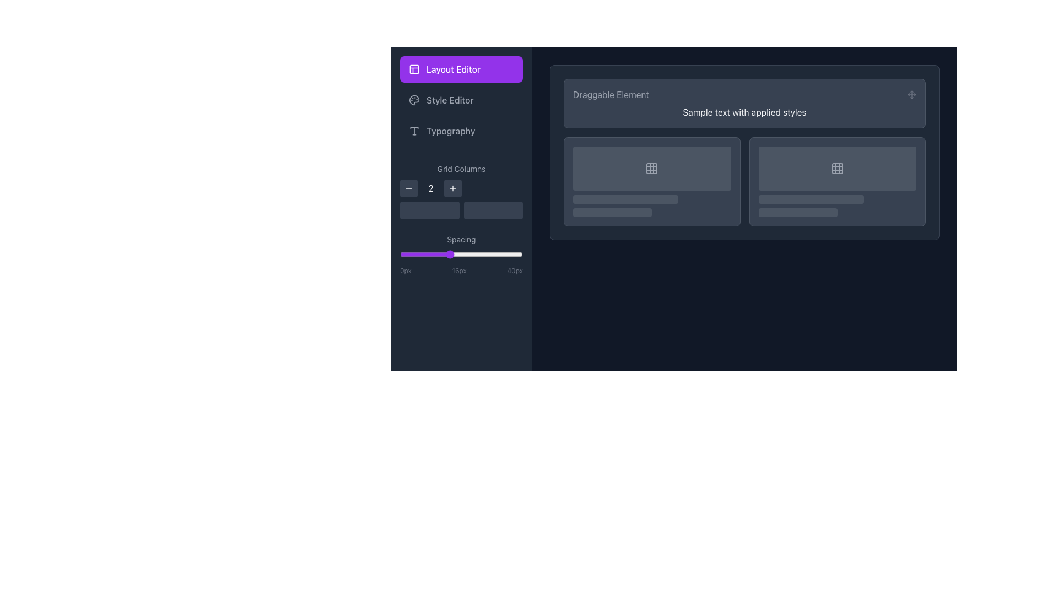 This screenshot has height=595, width=1058. Describe the element at coordinates (439, 255) in the screenshot. I see `spacing` at that location.